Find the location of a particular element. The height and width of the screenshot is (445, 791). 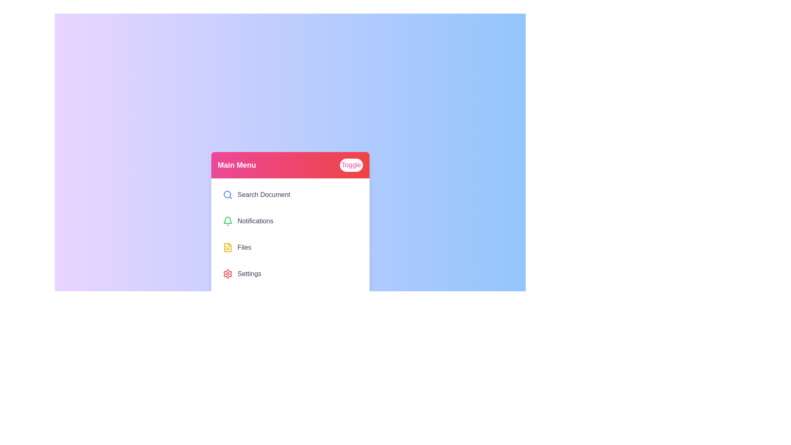

the menu item labeled Settings is located at coordinates (290, 274).